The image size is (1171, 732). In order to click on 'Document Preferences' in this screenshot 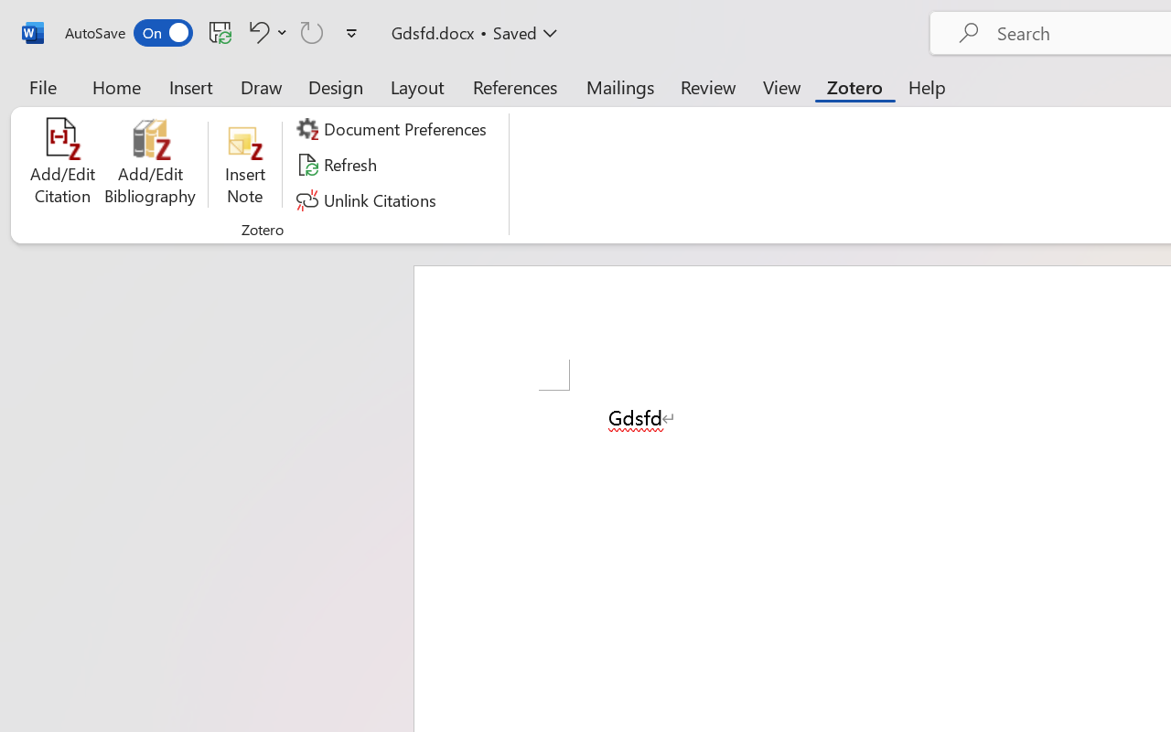, I will do `click(393, 129)`.